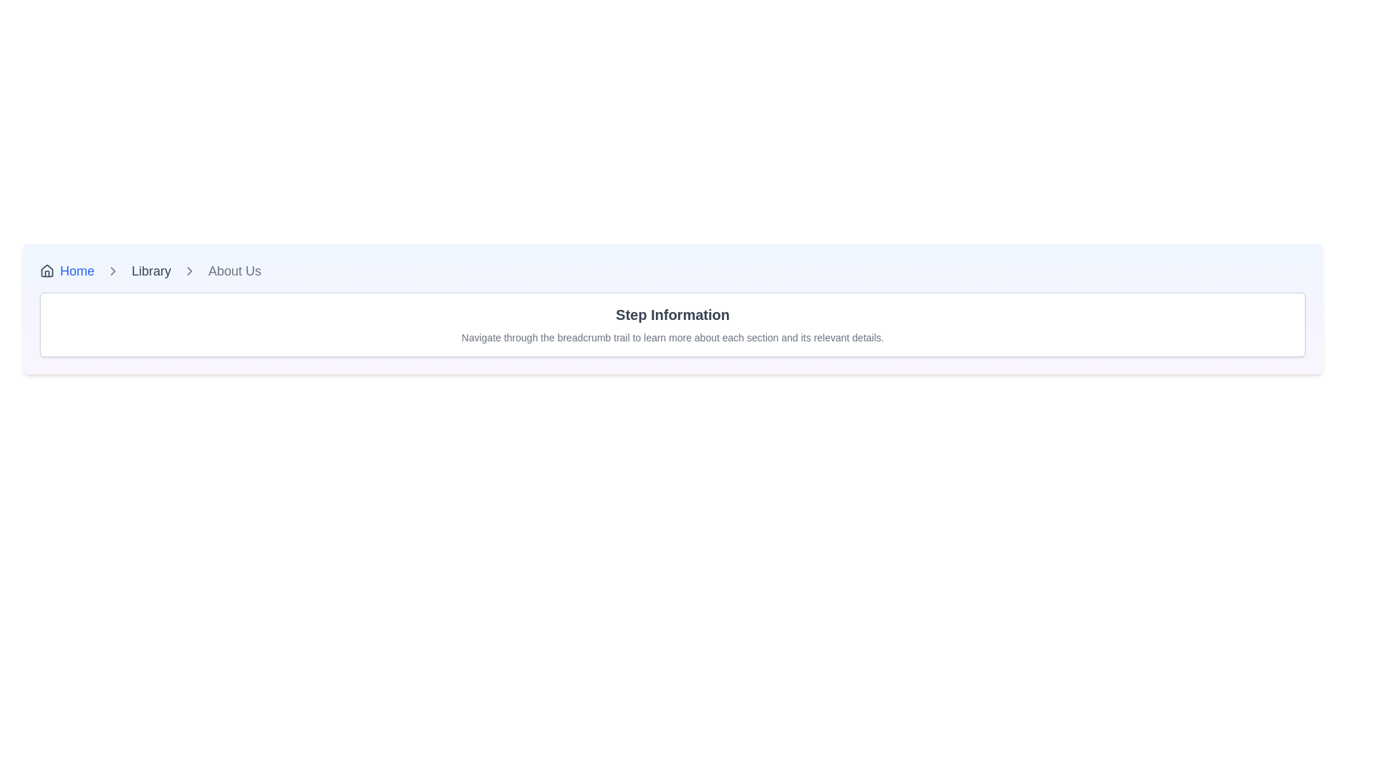 This screenshot has height=773, width=1375. What do you see at coordinates (672, 313) in the screenshot?
I see `text-based heading element that serves as a title for the section, located at the top of the content block` at bounding box center [672, 313].